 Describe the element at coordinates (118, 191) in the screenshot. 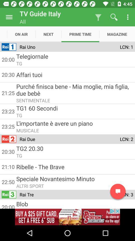

I see `show text chat` at that location.